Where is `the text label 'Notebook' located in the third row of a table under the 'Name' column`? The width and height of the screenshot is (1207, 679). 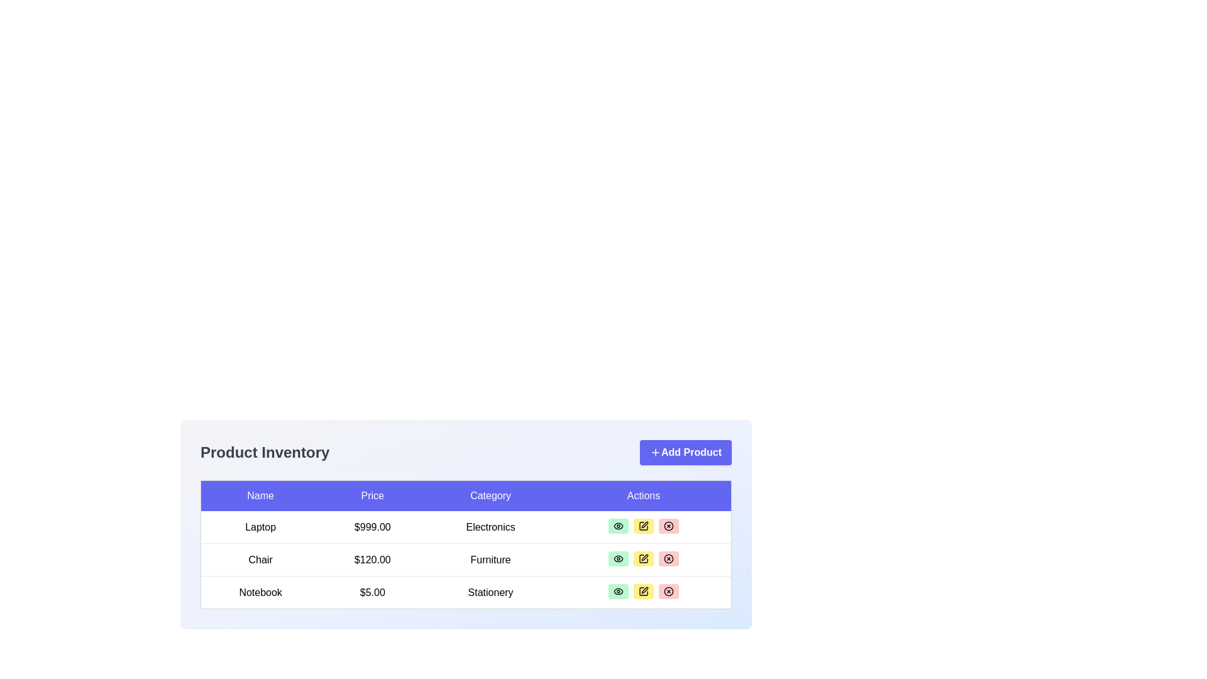 the text label 'Notebook' located in the third row of a table under the 'Name' column is located at coordinates (260, 592).